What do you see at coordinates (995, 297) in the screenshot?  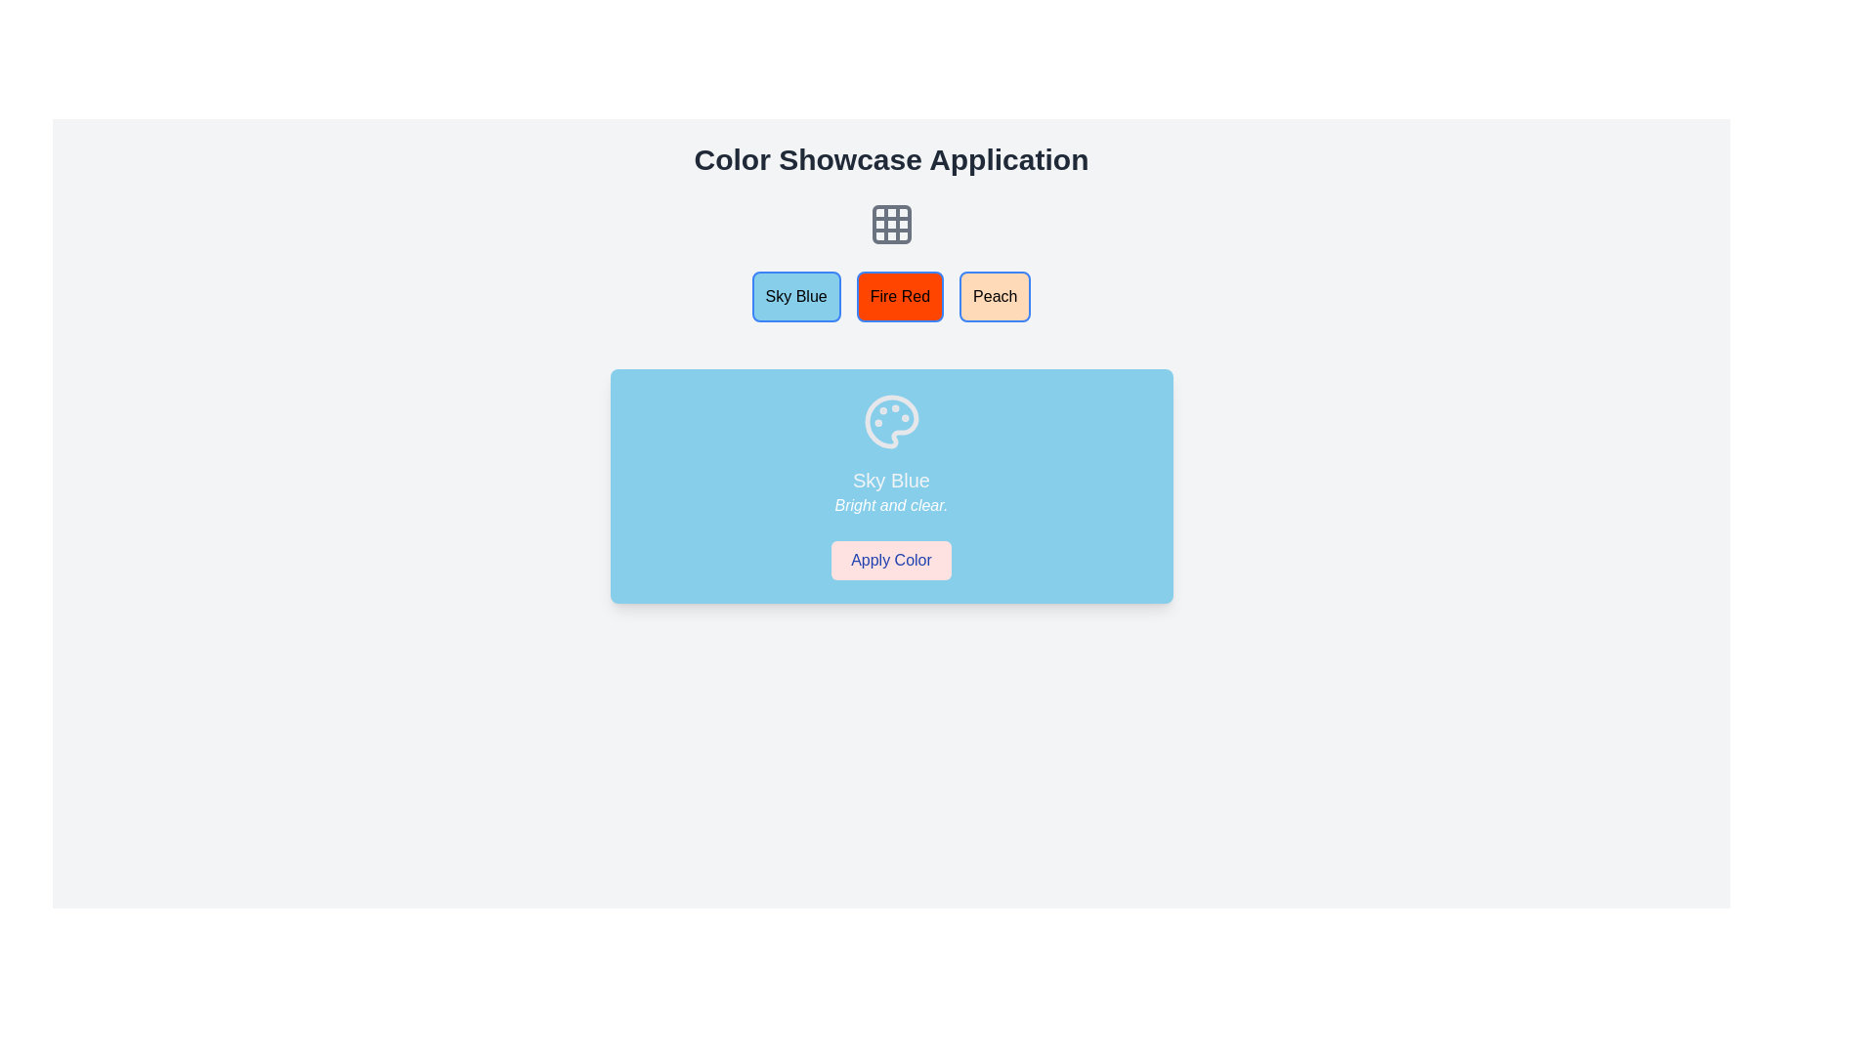 I see `the third button from the left in the horizontal row of color buttons to observe its hover effects` at bounding box center [995, 297].